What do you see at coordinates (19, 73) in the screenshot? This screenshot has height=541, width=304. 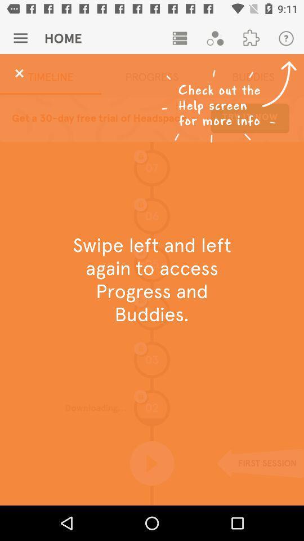 I see `go back` at bounding box center [19, 73].